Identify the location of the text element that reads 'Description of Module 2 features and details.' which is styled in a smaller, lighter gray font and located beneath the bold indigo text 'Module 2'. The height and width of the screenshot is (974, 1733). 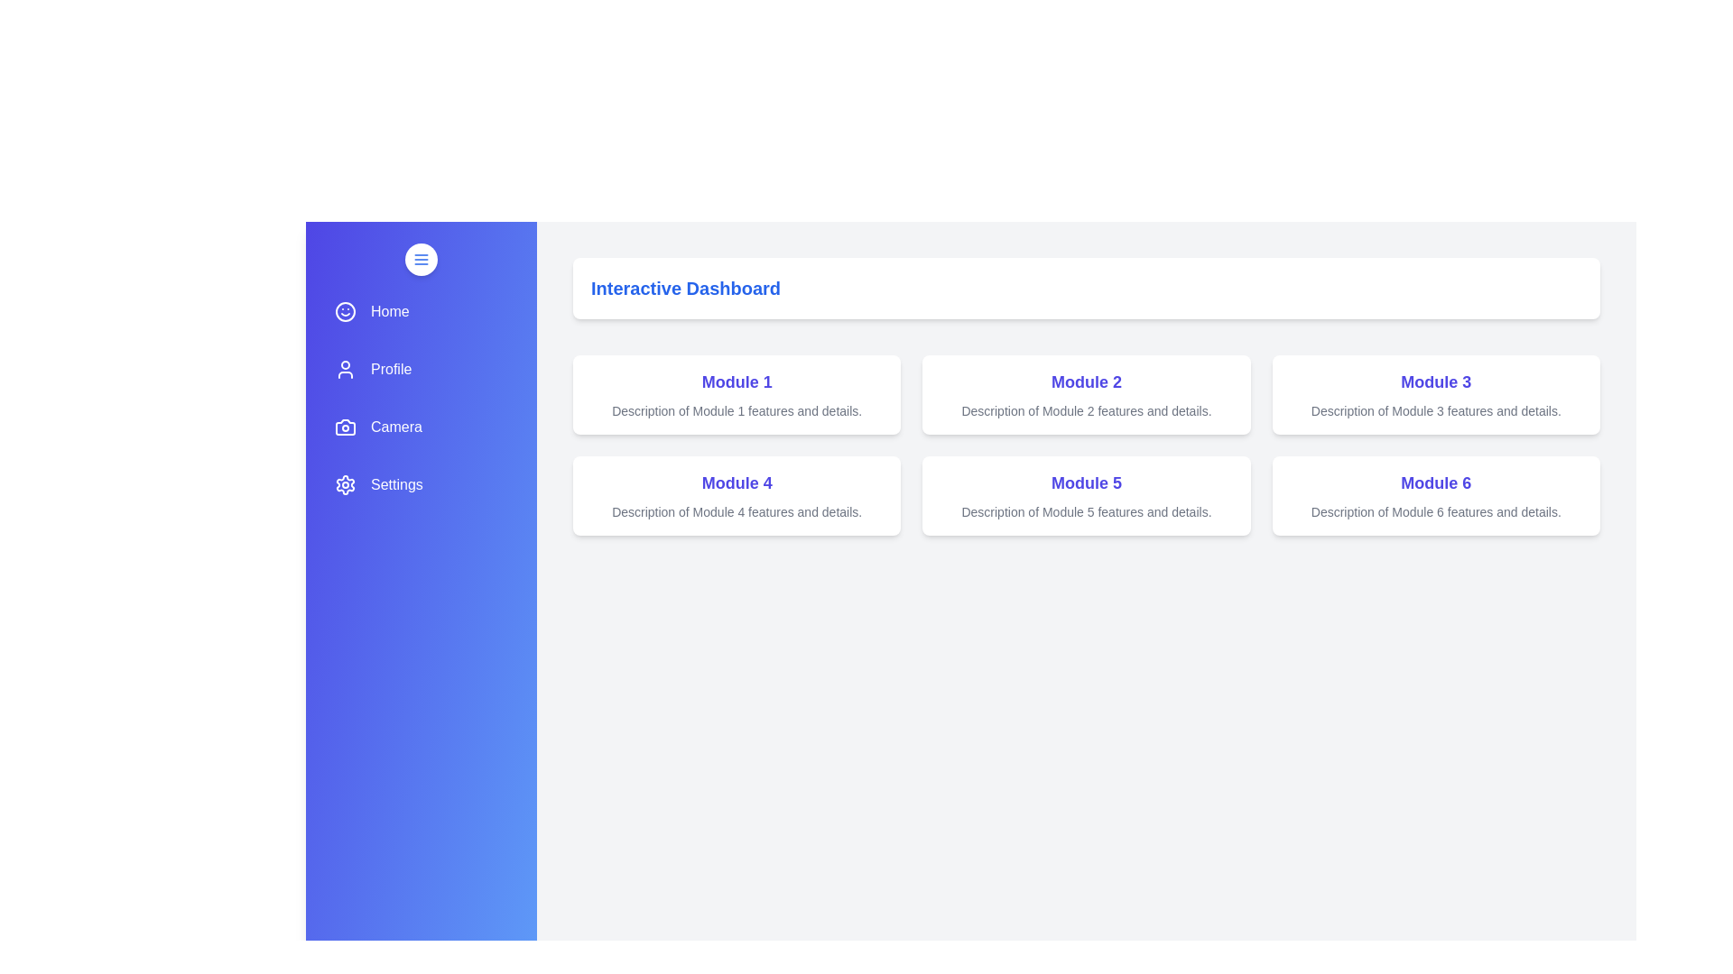
(1086, 410).